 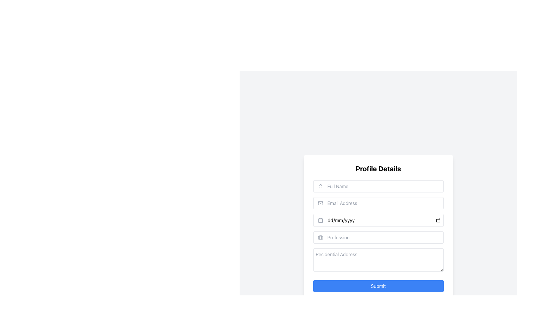 What do you see at coordinates (320, 186) in the screenshot?
I see `the user profile icon, which is a gray outline of a person's upper body, positioned slightly to the left of the 'Full Name' input field` at bounding box center [320, 186].